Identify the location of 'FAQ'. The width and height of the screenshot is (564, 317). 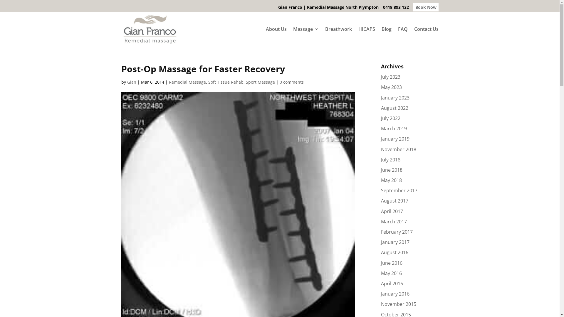
(402, 36).